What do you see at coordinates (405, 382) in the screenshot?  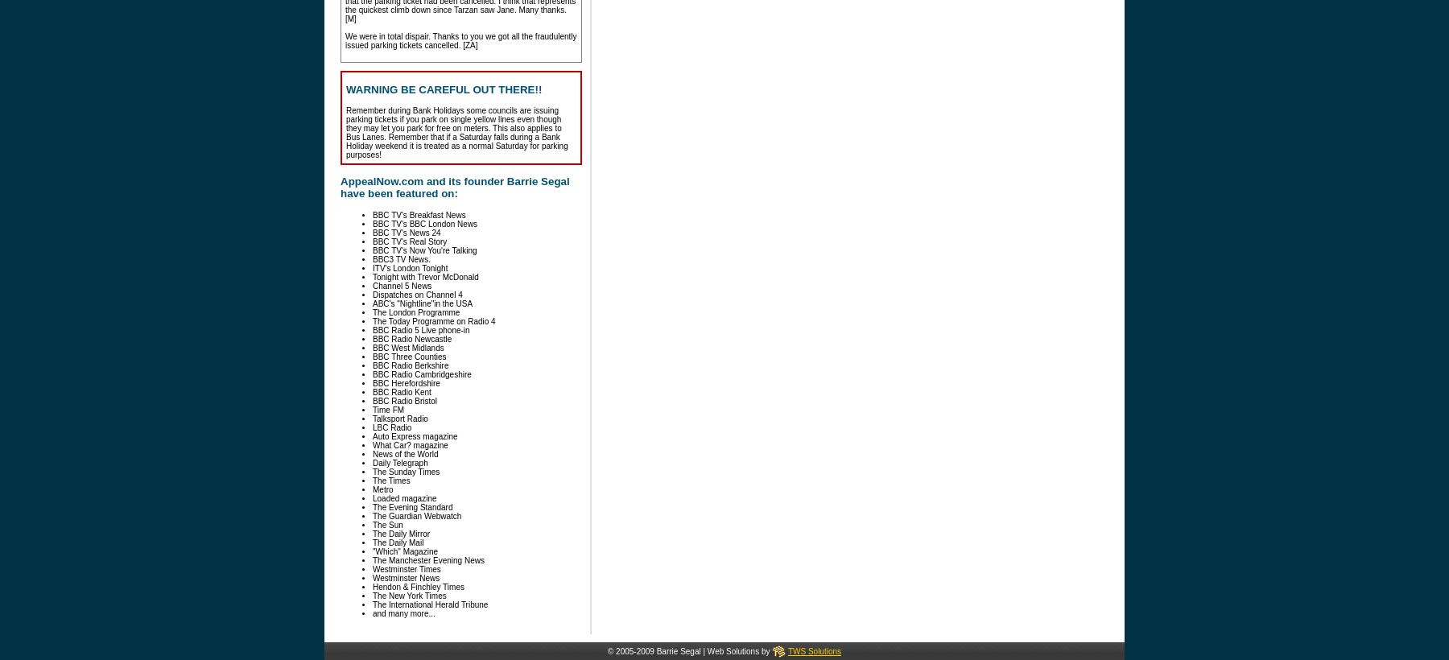 I see `'BBC Herefordshire'` at bounding box center [405, 382].